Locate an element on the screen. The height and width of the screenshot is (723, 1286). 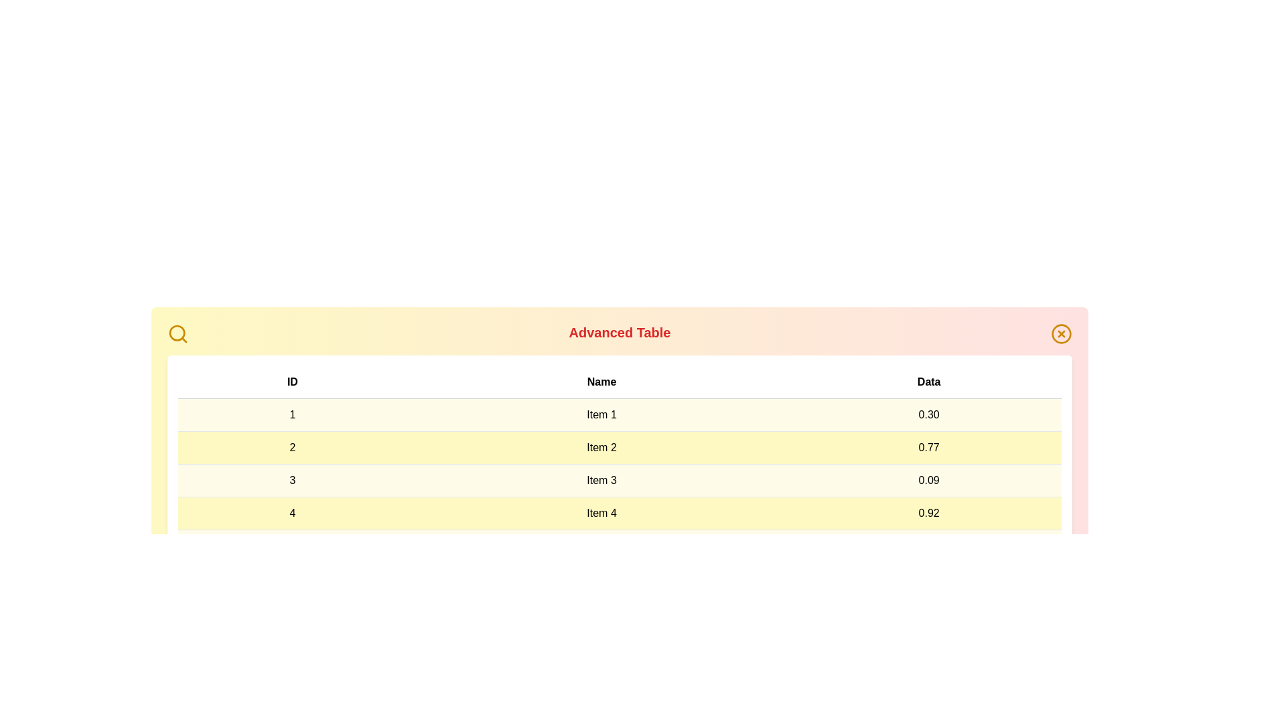
the table header labeled ID to sort the table by that column is located at coordinates (291, 382).